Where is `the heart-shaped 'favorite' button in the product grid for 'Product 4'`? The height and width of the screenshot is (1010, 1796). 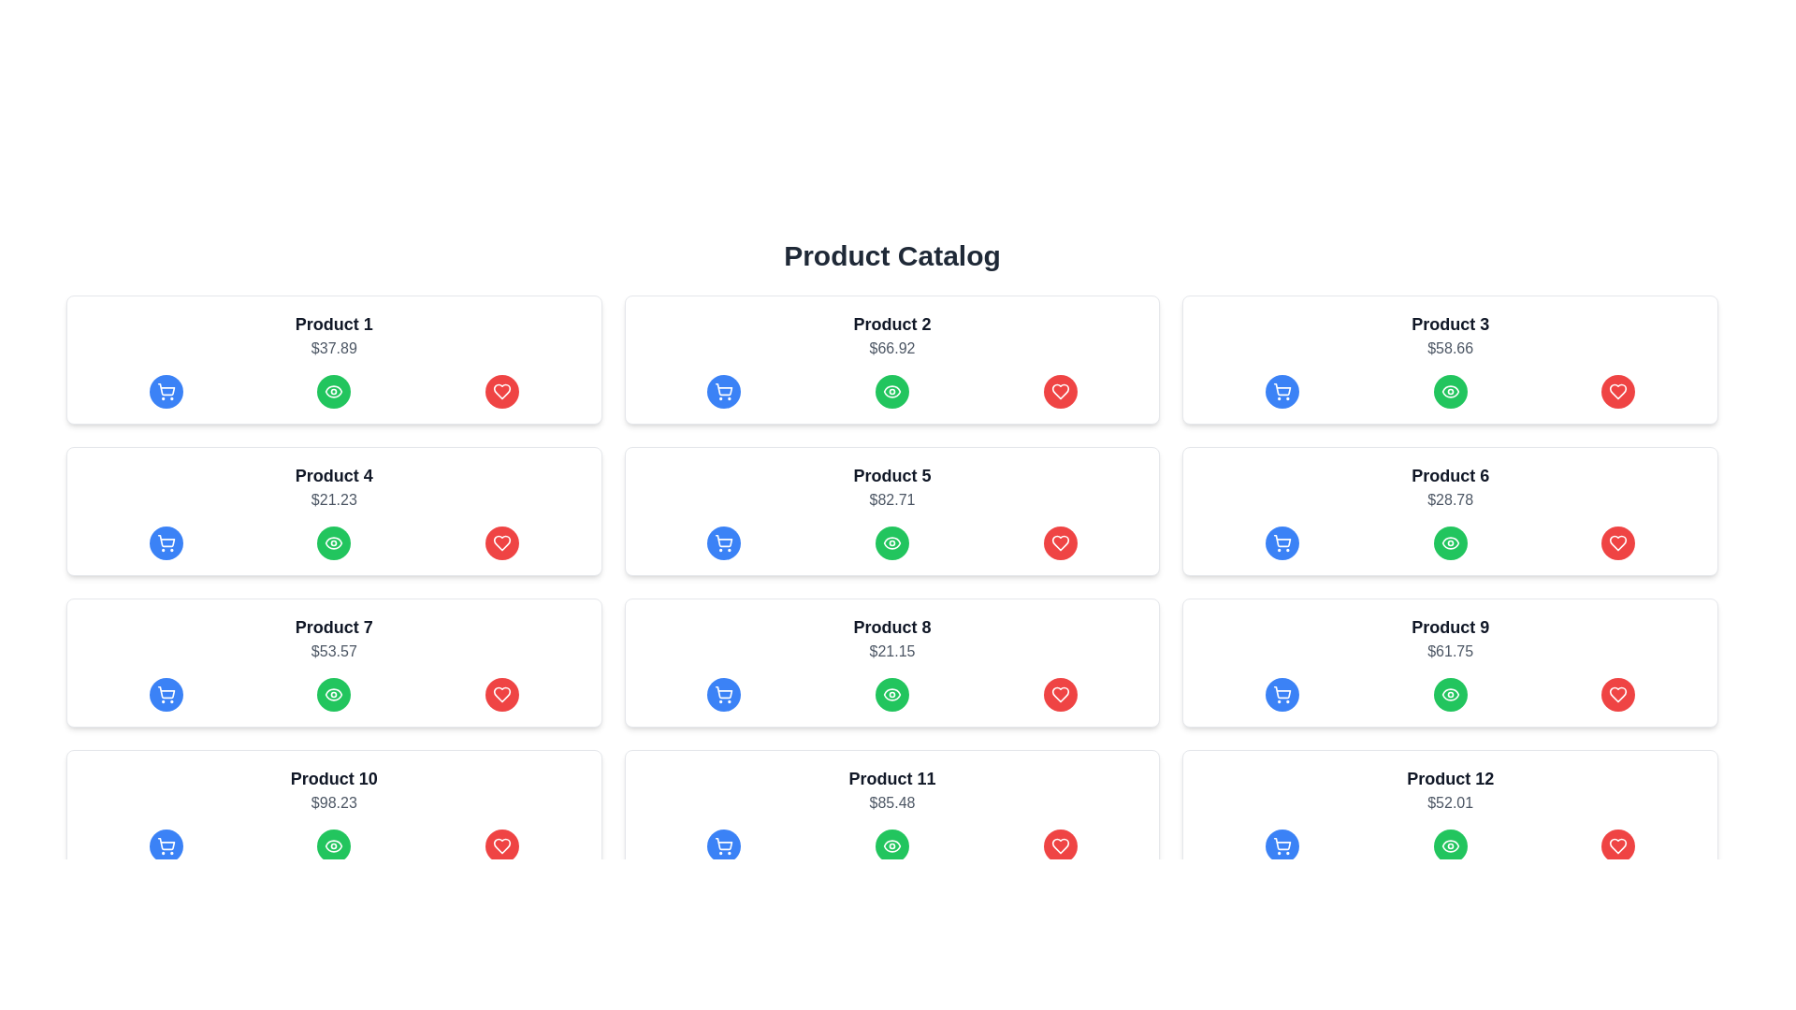 the heart-shaped 'favorite' button in the product grid for 'Product 4' is located at coordinates (501, 543).